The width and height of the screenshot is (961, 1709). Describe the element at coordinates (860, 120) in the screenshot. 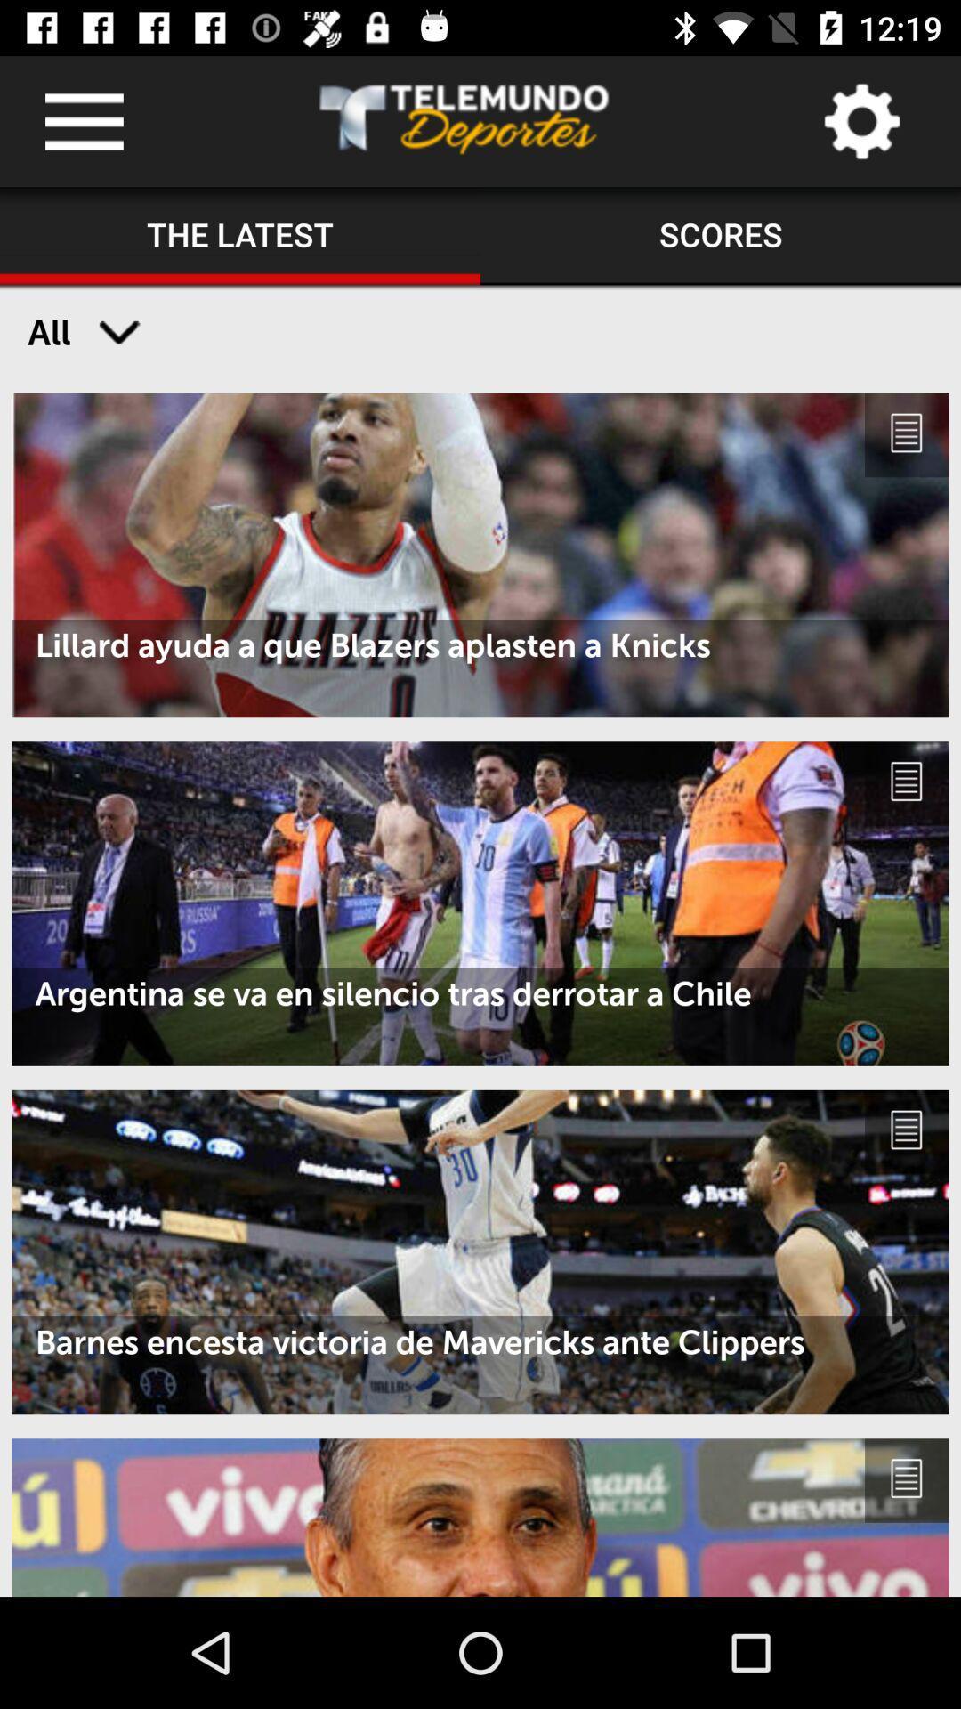

I see `the icon above the scores item` at that location.